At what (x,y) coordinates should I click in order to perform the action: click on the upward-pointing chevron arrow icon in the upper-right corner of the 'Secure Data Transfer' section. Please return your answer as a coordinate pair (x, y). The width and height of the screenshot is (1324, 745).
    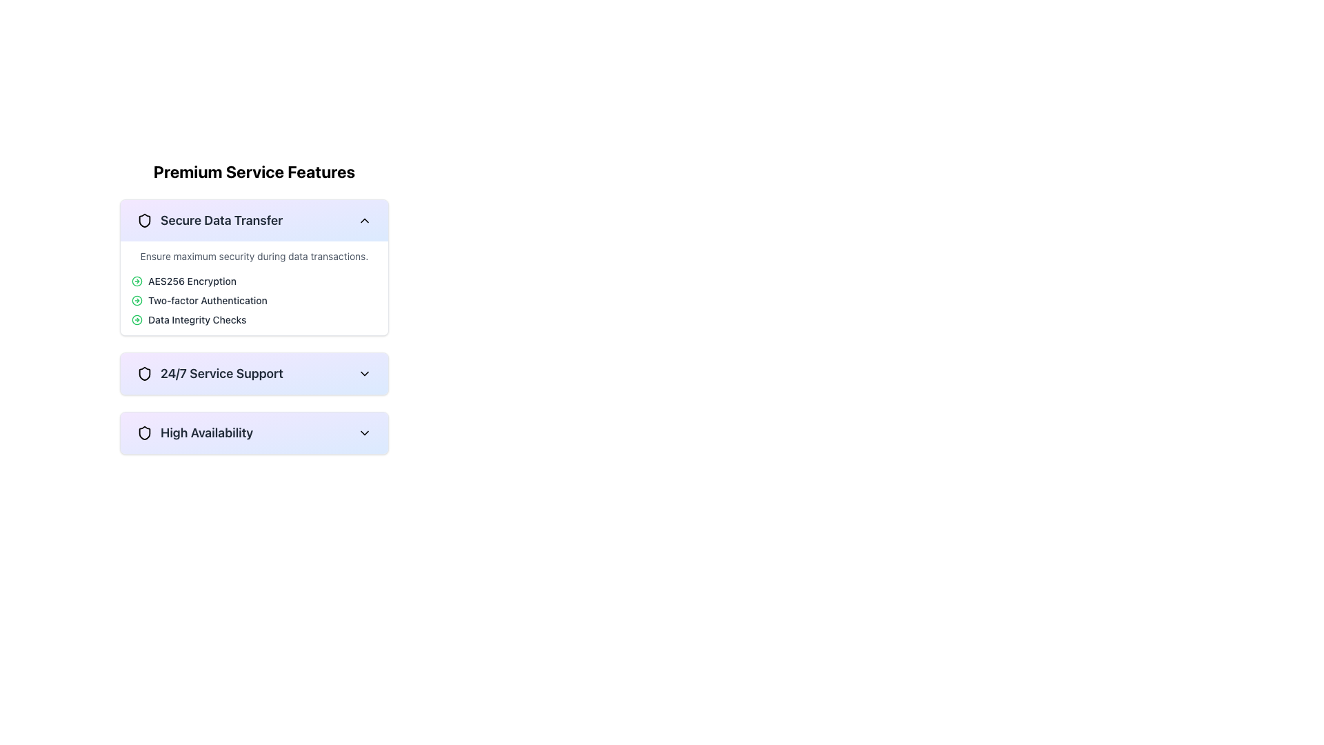
    Looking at the image, I should click on (364, 220).